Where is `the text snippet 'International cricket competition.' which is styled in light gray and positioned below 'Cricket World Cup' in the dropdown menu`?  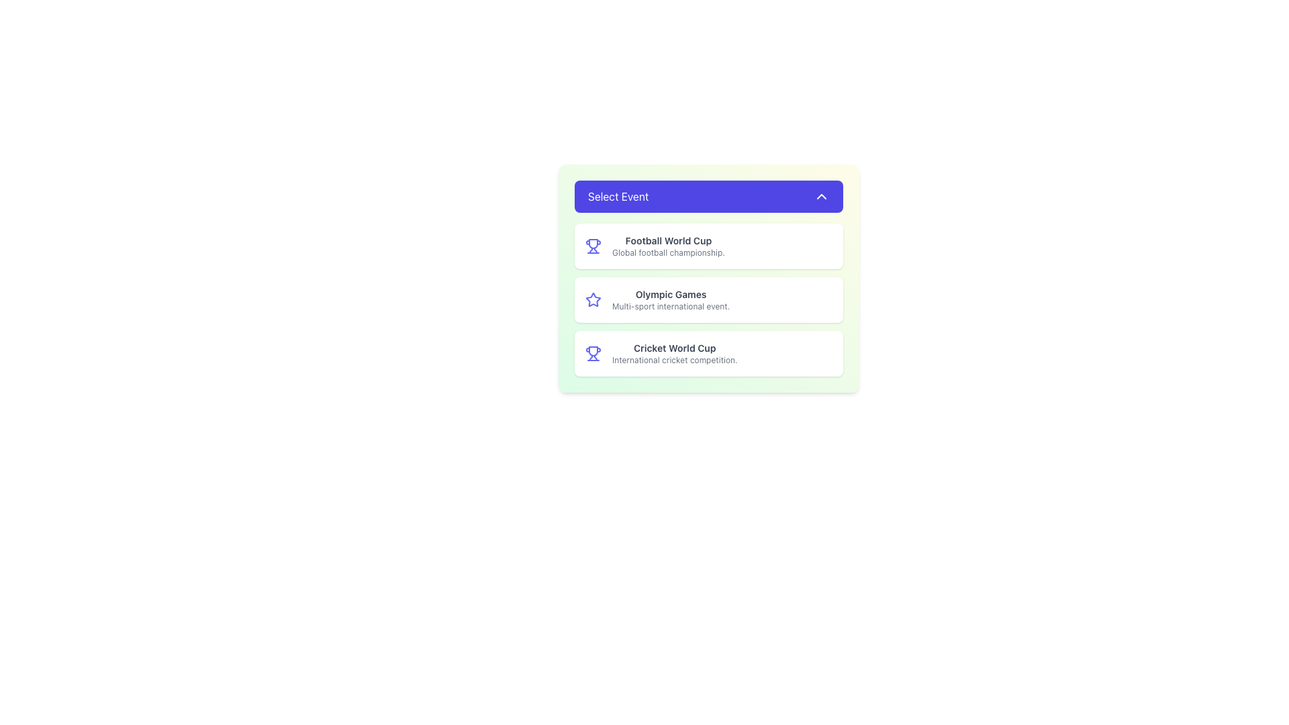 the text snippet 'International cricket competition.' which is styled in light gray and positioned below 'Cricket World Cup' in the dropdown menu is located at coordinates (675, 359).